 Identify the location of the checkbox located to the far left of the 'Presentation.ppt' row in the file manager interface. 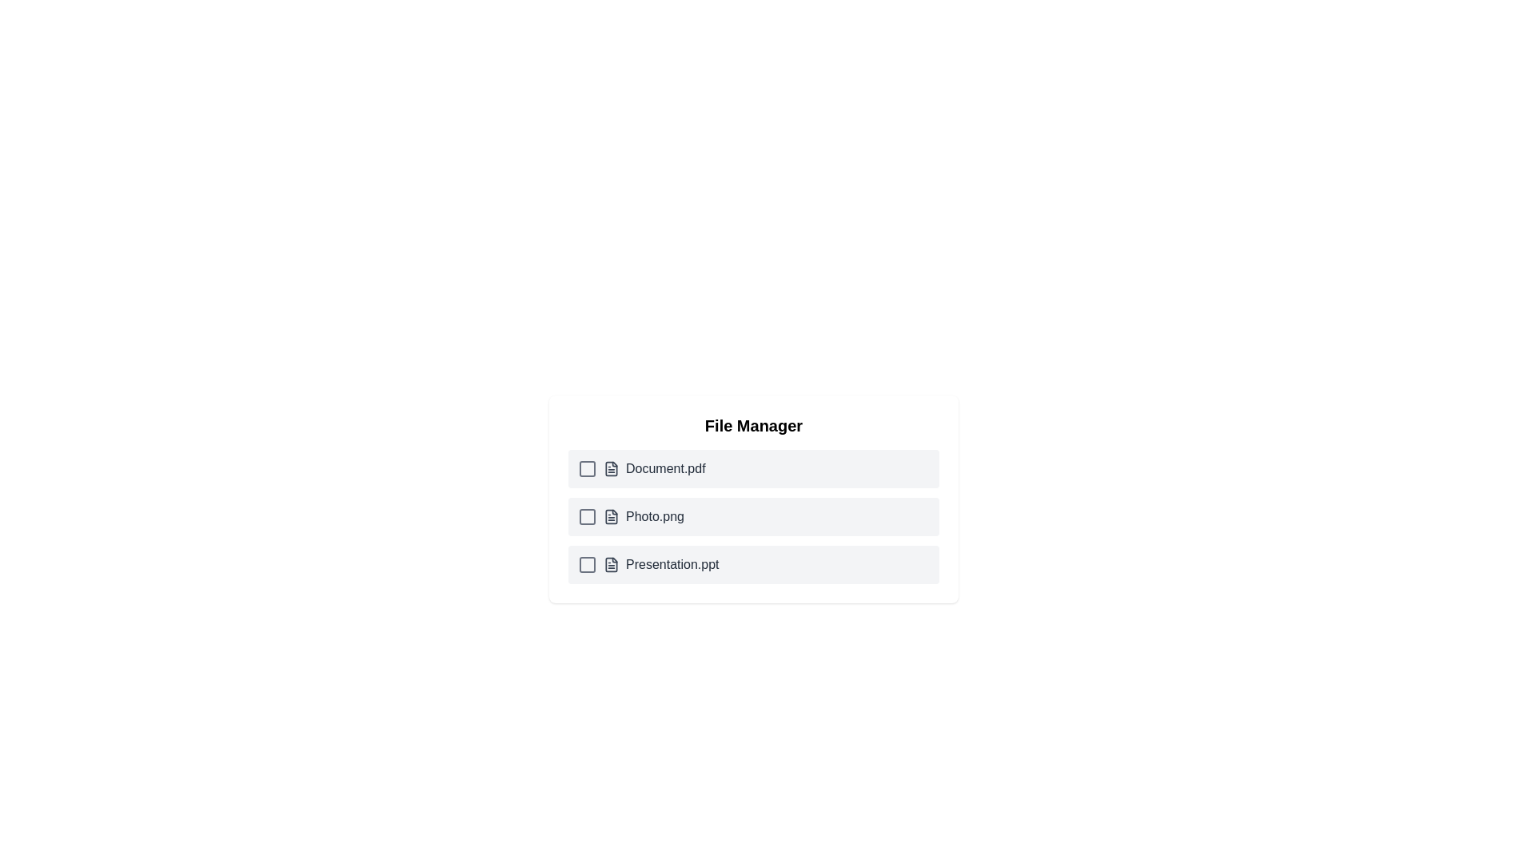
(586, 563).